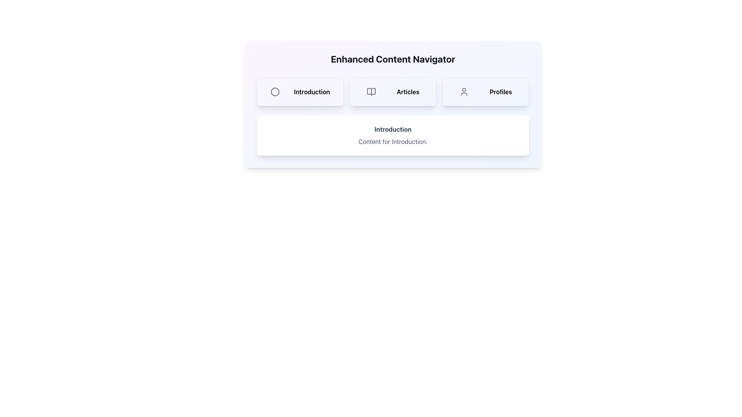 The width and height of the screenshot is (742, 417). What do you see at coordinates (393, 92) in the screenshot?
I see `the 'Articles' button in the Category toggle button` at bounding box center [393, 92].